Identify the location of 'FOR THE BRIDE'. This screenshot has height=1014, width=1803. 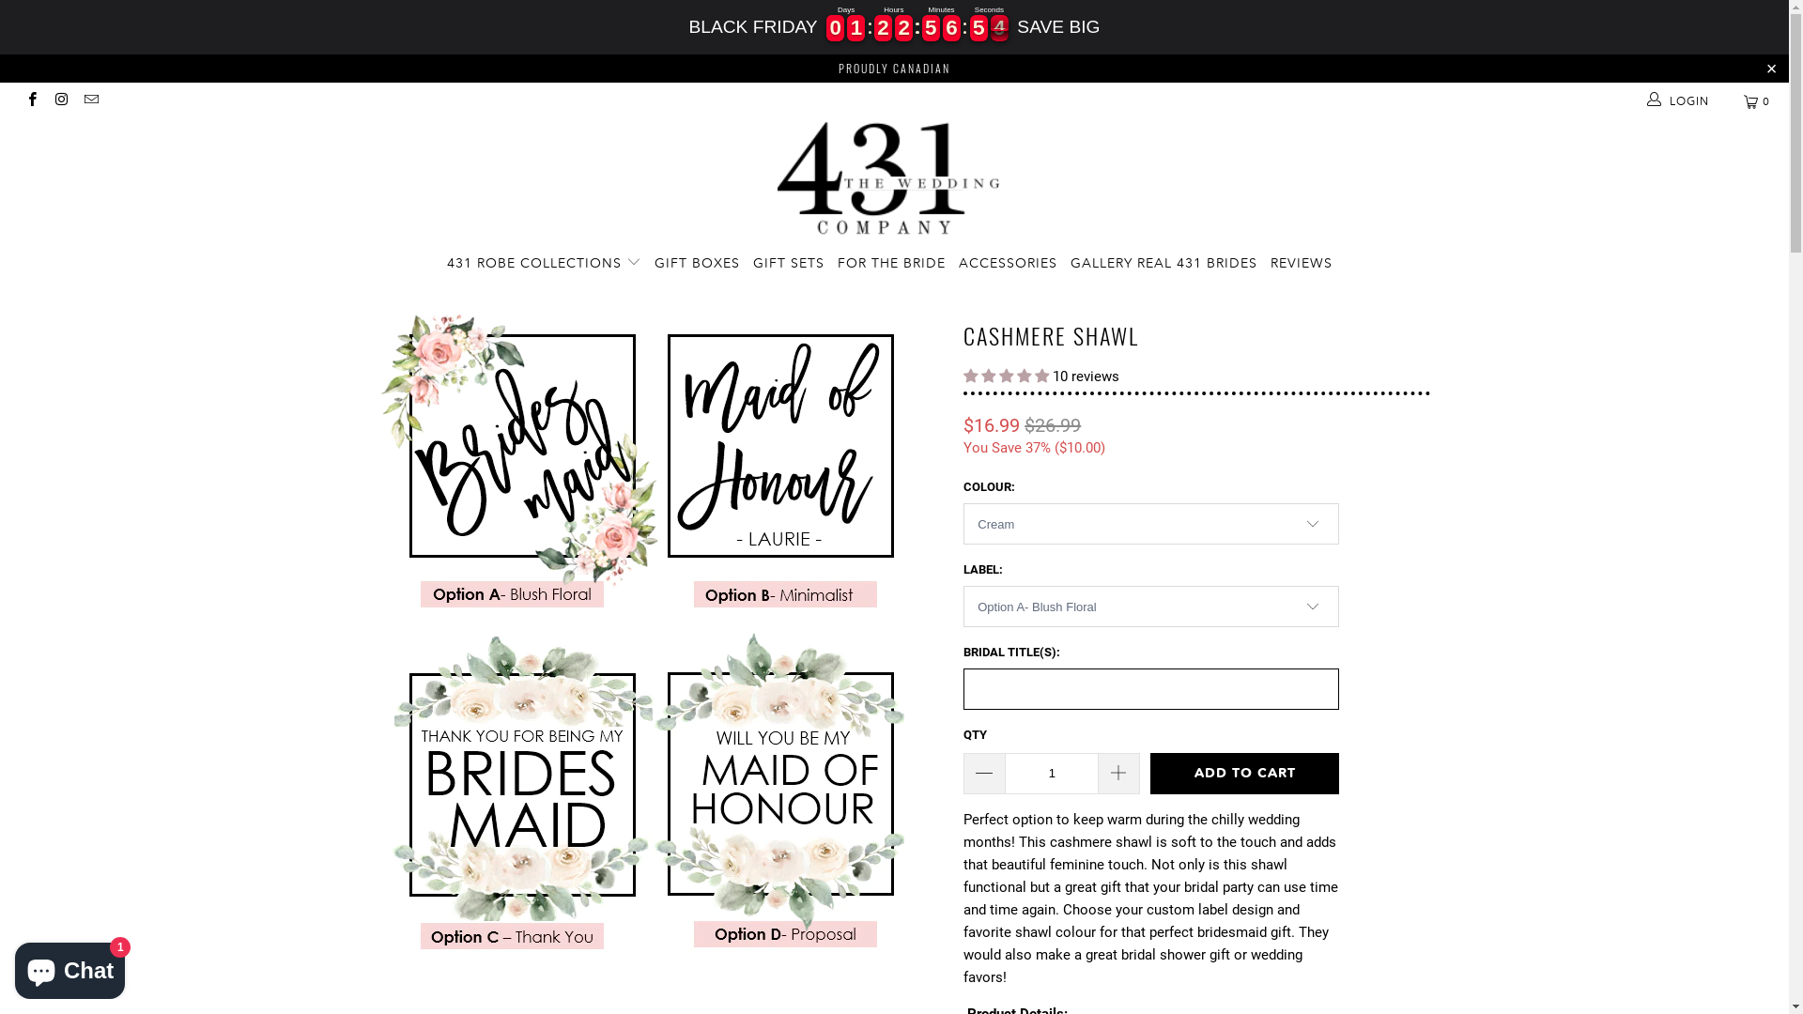
(890, 263).